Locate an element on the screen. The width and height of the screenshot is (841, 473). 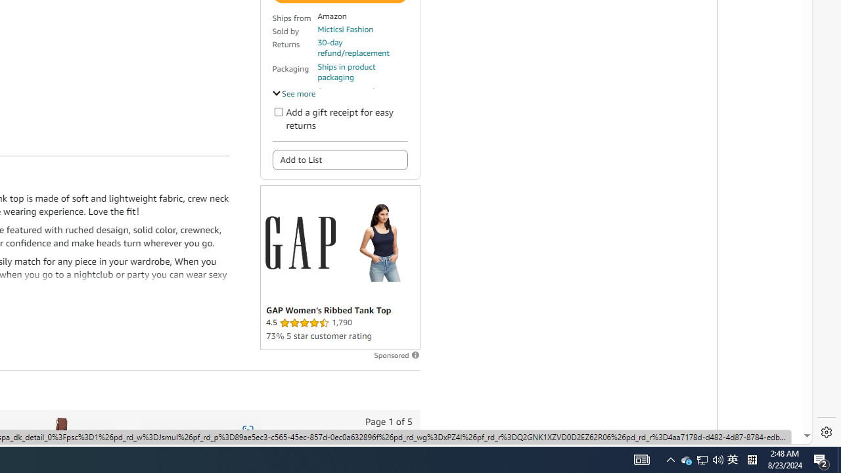
'Sponsored ad' is located at coordinates (340, 267).